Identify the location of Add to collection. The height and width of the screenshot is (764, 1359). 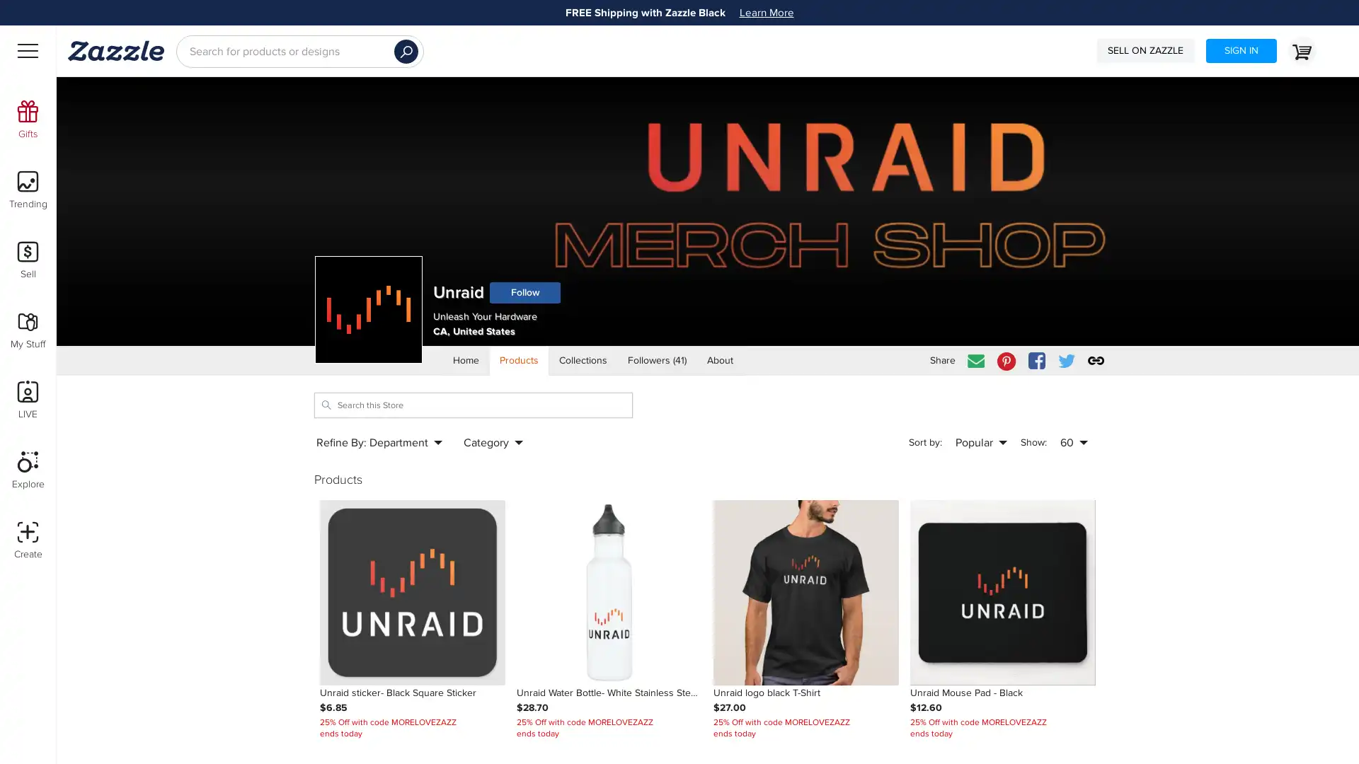
(474, 513).